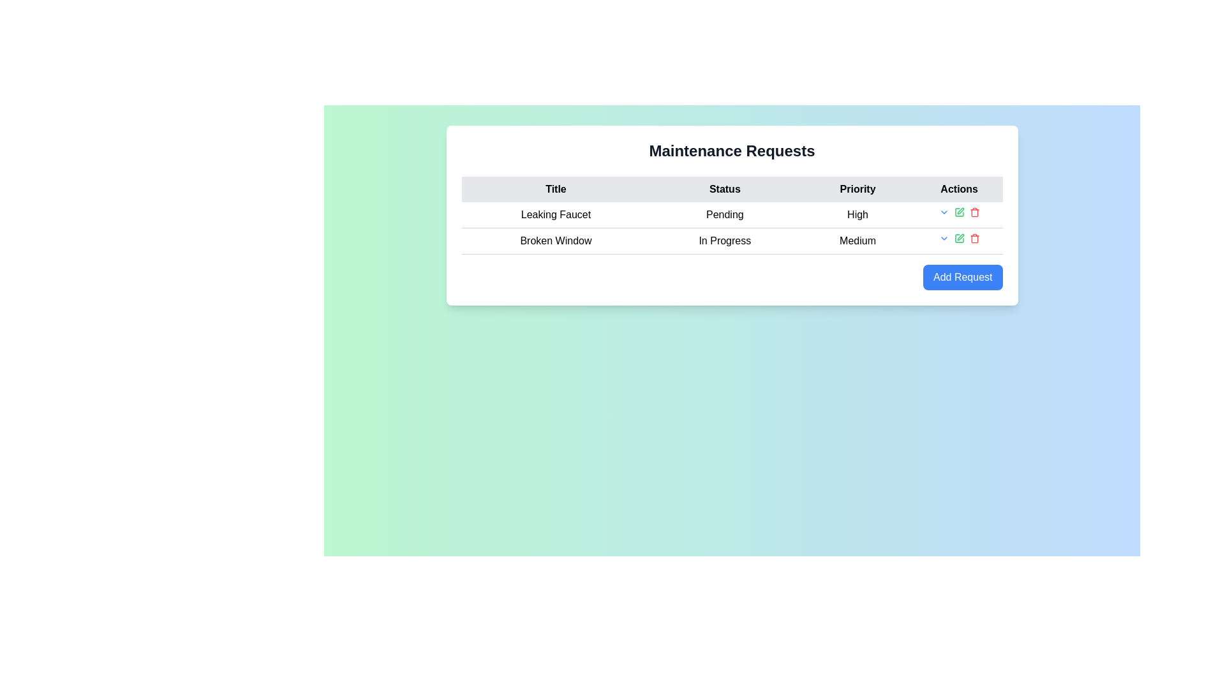 The width and height of the screenshot is (1225, 689). What do you see at coordinates (959, 239) in the screenshot?
I see `the green edit icon in the 'Actions' column of the second row corresponding to the 'Broken Window' entry` at bounding box center [959, 239].